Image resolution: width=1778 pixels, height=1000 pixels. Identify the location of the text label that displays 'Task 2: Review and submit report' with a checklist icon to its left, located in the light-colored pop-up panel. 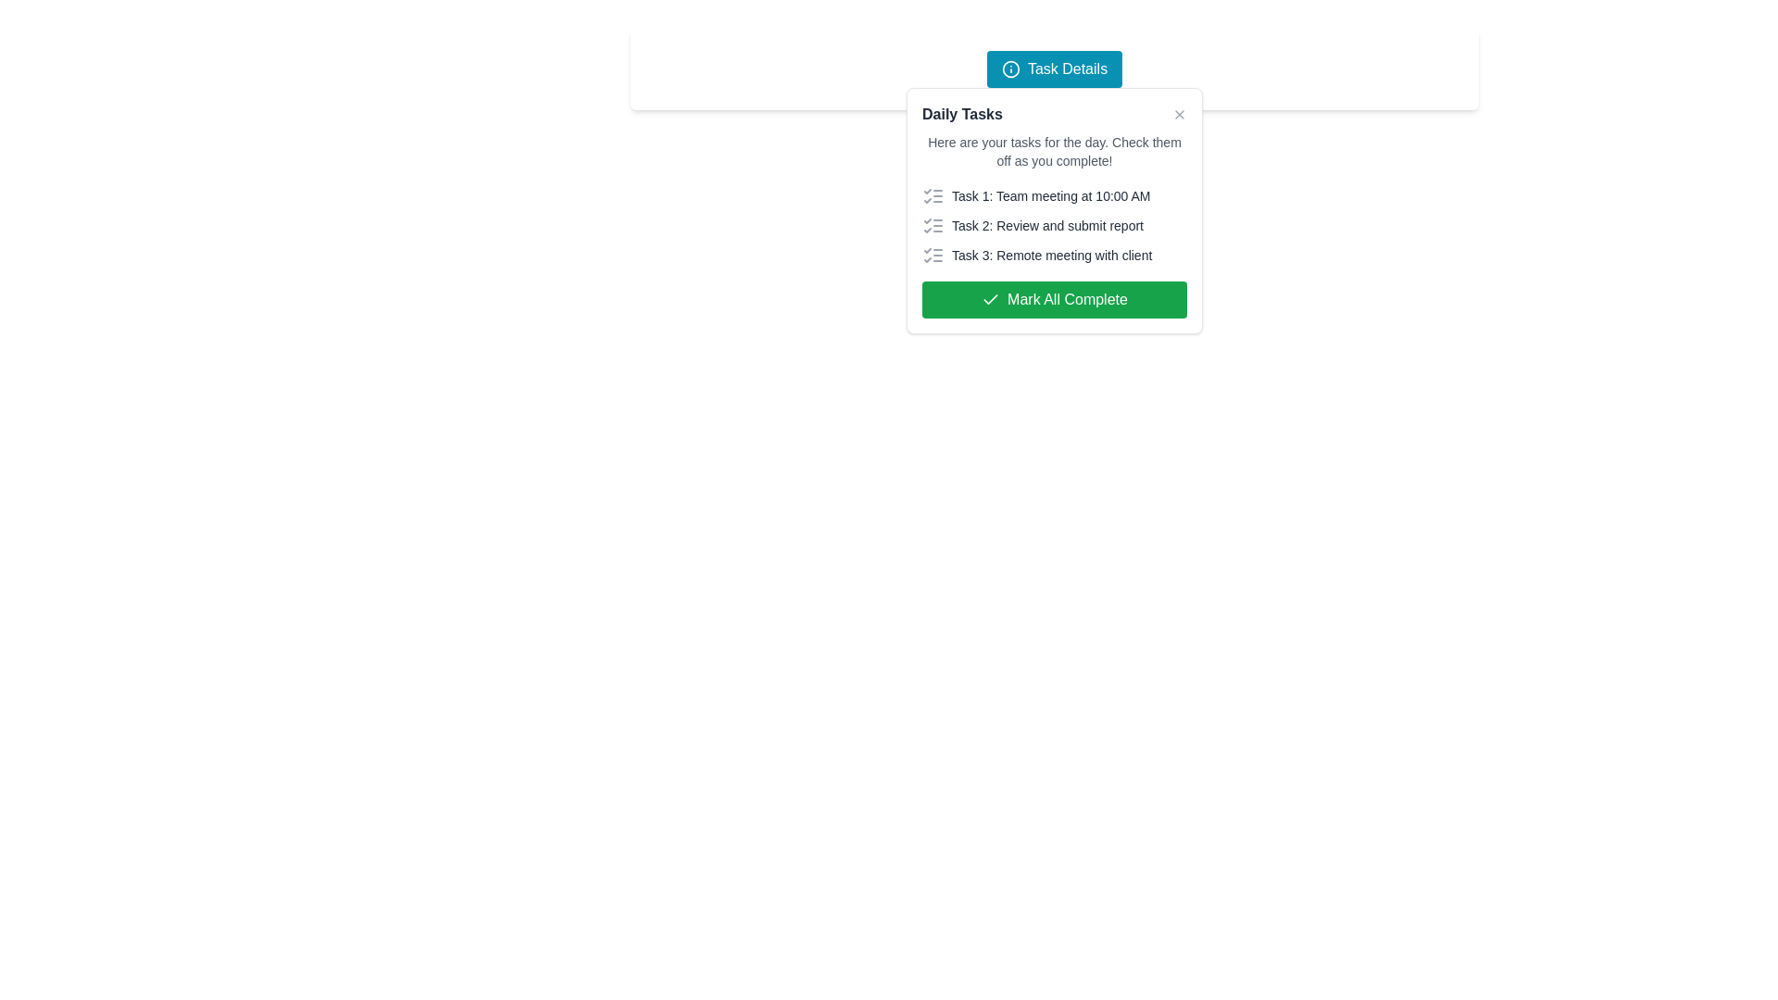
(1054, 224).